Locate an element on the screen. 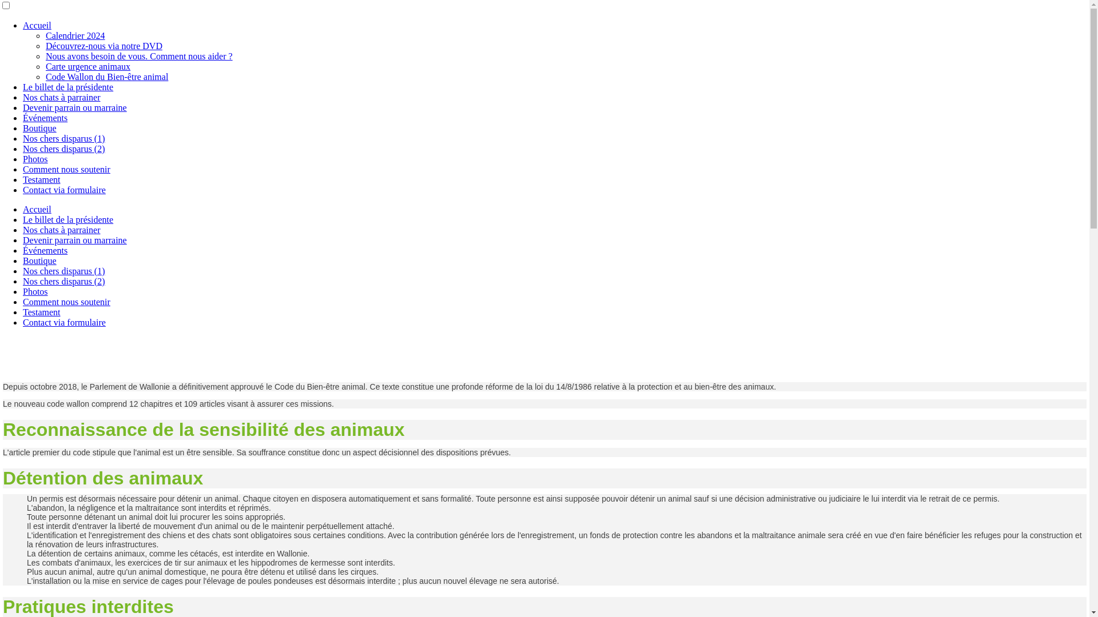 This screenshot has width=1098, height=617. 'Comment nous soutenir' is located at coordinates (66, 301).